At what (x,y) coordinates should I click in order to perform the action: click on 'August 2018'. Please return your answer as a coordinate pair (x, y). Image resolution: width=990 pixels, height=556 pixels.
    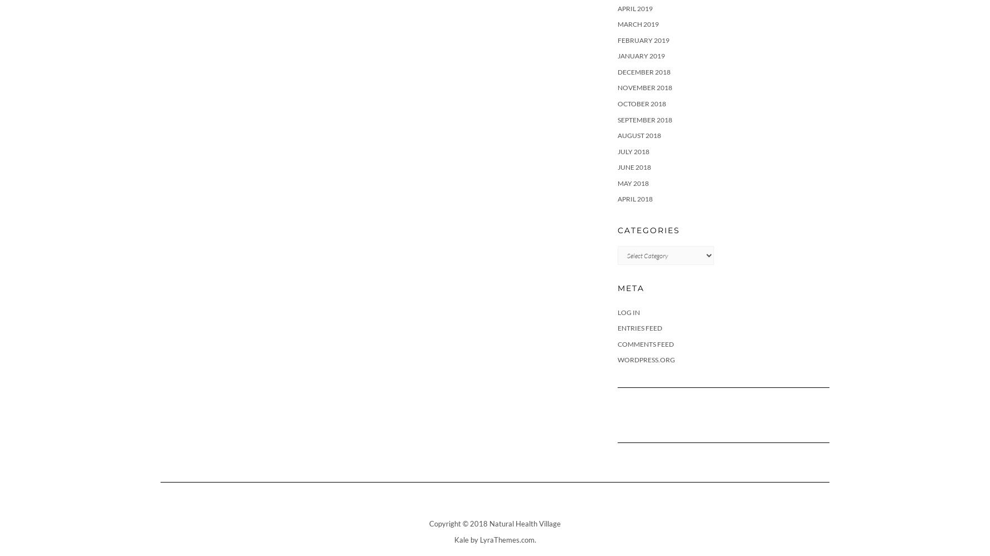
    Looking at the image, I should click on (639, 135).